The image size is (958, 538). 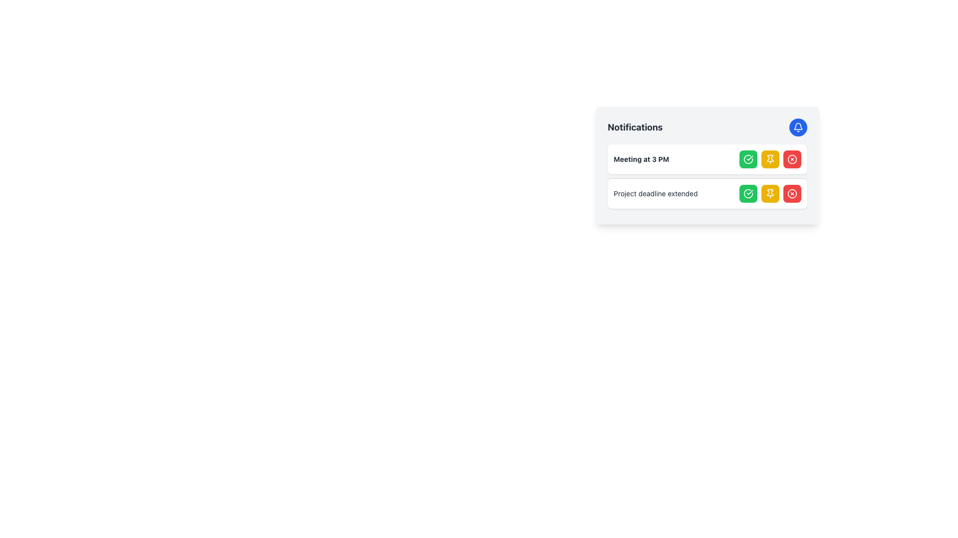 What do you see at coordinates (792, 194) in the screenshot?
I see `the circular graphic element of the red close button icon located at the far right of the first row in the notification widget` at bounding box center [792, 194].